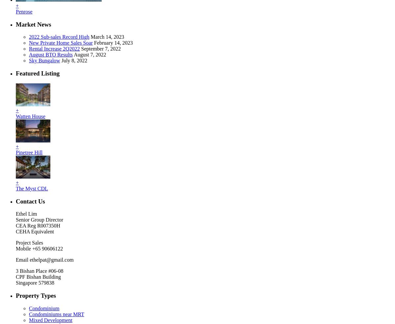 The image size is (395, 324). Describe the element at coordinates (59, 37) in the screenshot. I see `'2022 Sub-sales Record High'` at that location.